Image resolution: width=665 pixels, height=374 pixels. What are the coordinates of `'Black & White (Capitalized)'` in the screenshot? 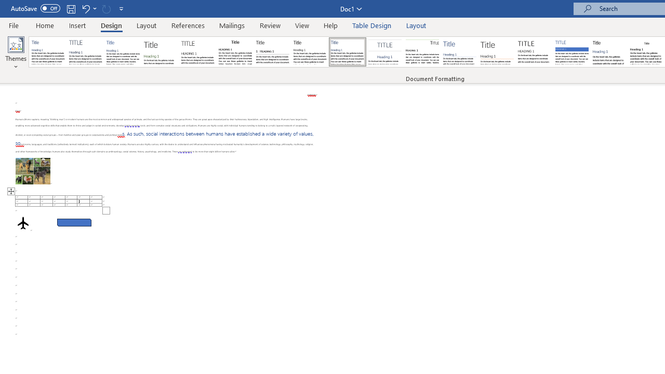 It's located at (198, 52).